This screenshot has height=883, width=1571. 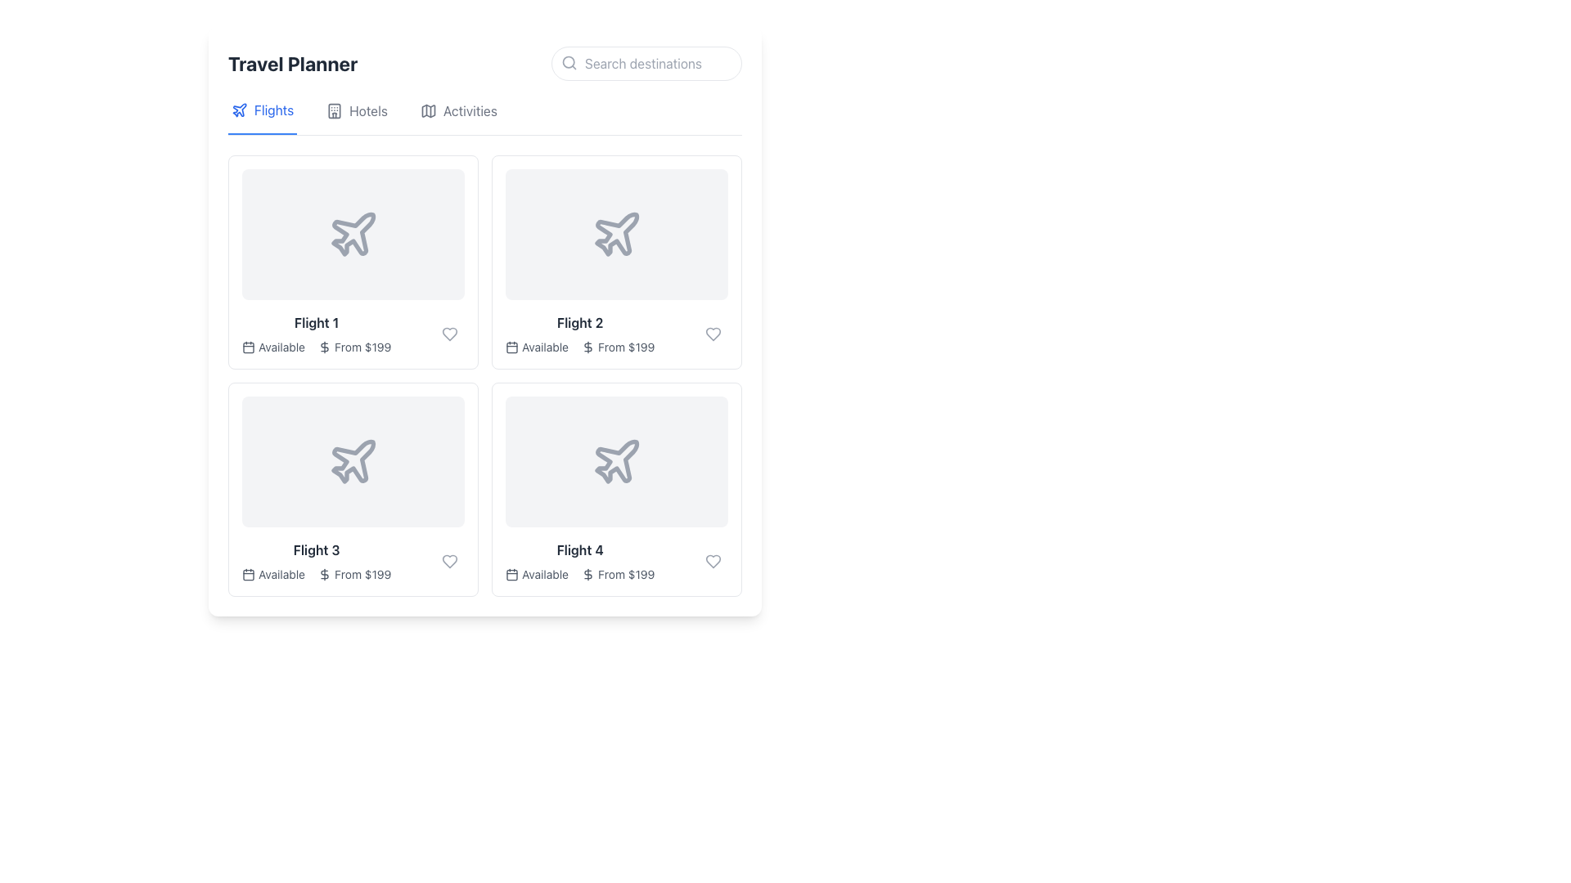 What do you see at coordinates (353, 234) in the screenshot?
I see `the flight icon located in the top-left corner card of the grid interface` at bounding box center [353, 234].